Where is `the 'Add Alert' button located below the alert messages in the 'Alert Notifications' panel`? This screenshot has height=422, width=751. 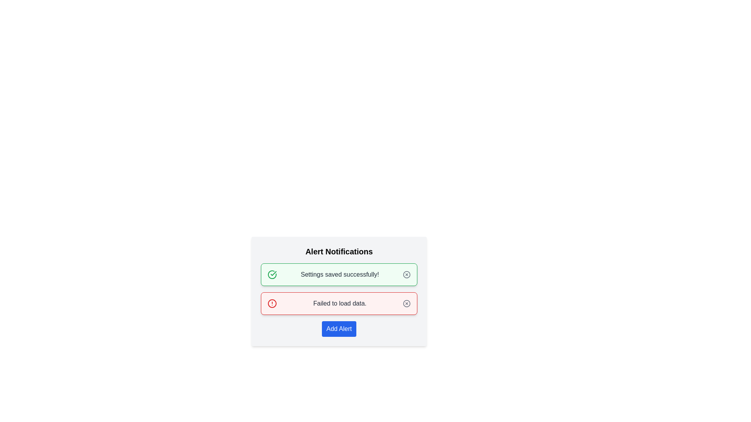 the 'Add Alert' button located below the alert messages in the 'Alert Notifications' panel is located at coordinates (339, 329).